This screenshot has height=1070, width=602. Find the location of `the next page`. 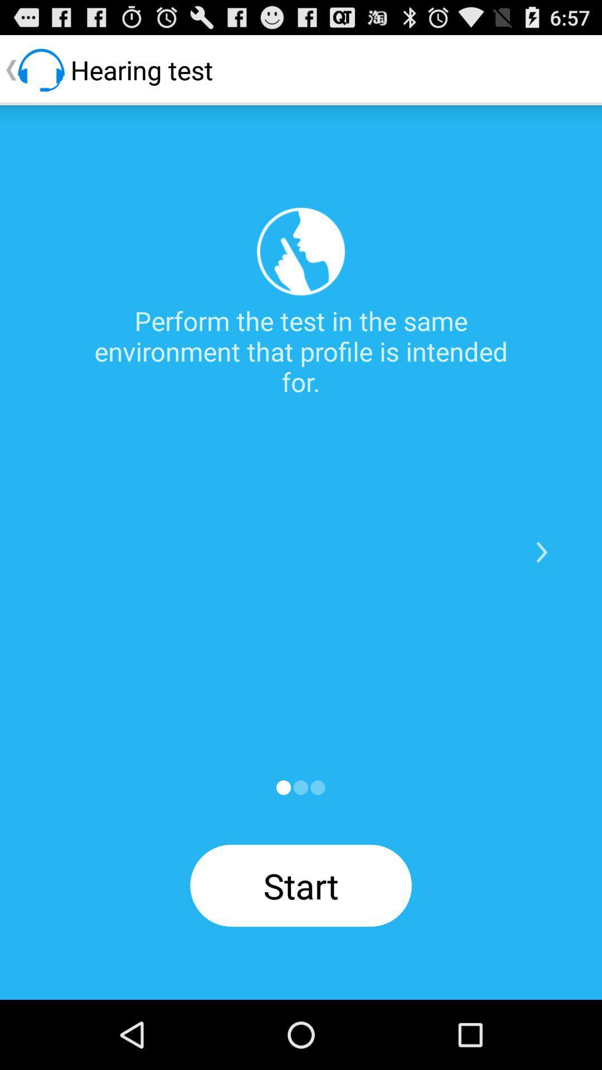

the next page is located at coordinates (541, 552).